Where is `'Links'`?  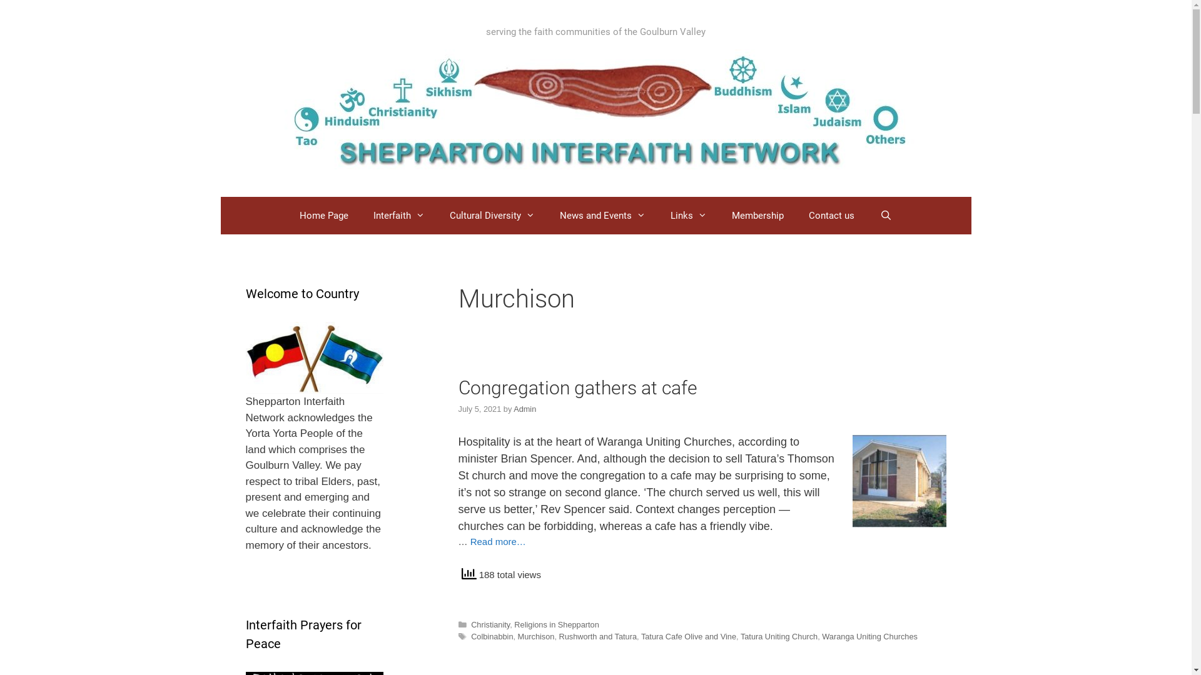
'Links' is located at coordinates (657, 214).